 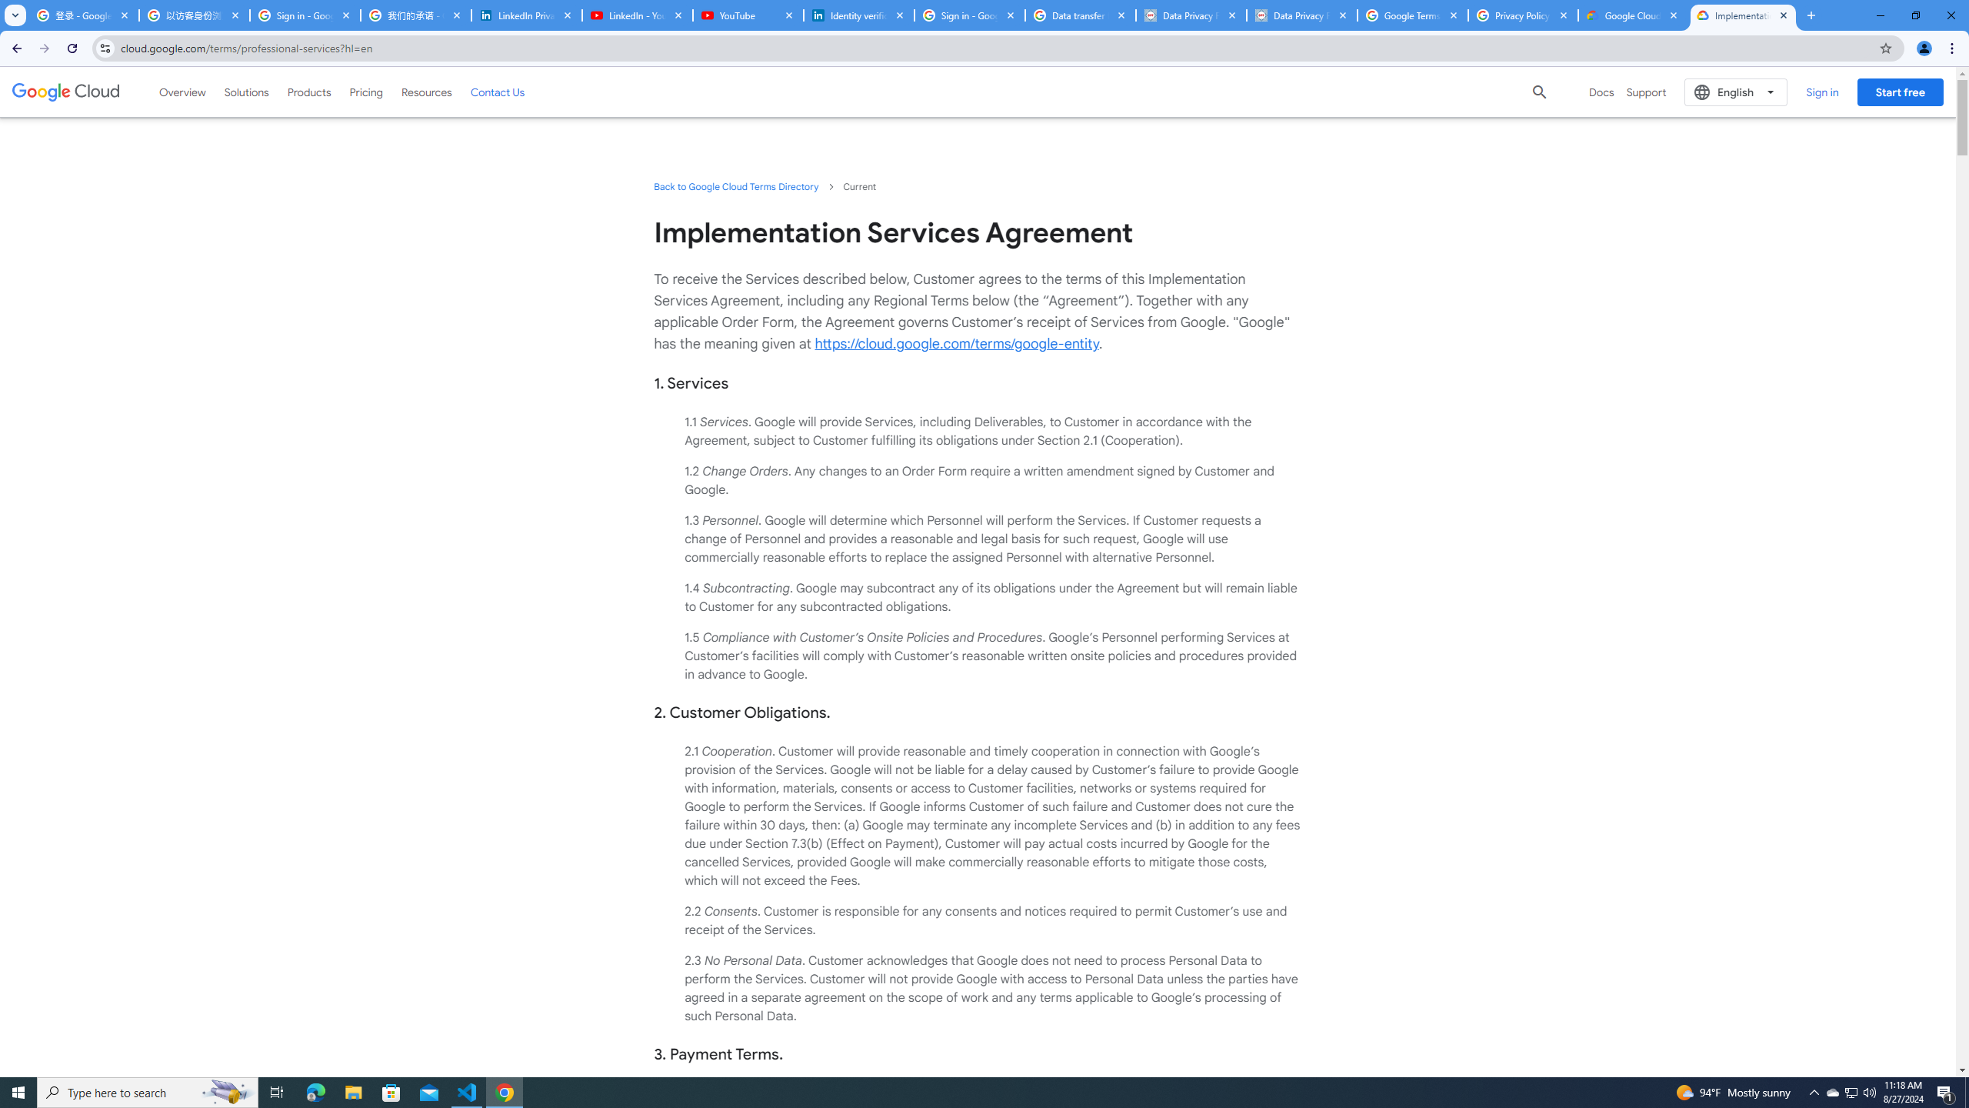 What do you see at coordinates (426, 91) in the screenshot?
I see `'Resources'` at bounding box center [426, 91].